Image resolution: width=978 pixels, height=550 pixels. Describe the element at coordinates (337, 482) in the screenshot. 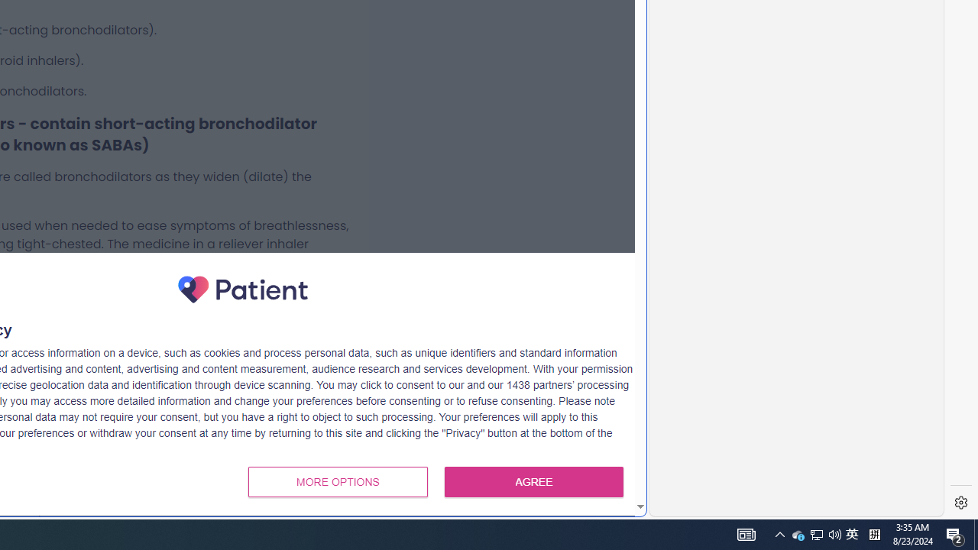

I see `'MORE OPTIONS'` at that location.